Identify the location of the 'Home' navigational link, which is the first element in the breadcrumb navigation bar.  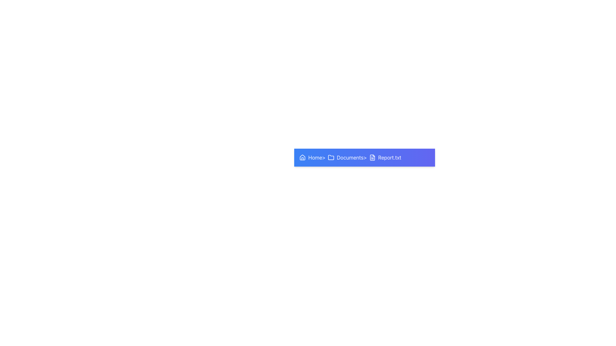
(311, 158).